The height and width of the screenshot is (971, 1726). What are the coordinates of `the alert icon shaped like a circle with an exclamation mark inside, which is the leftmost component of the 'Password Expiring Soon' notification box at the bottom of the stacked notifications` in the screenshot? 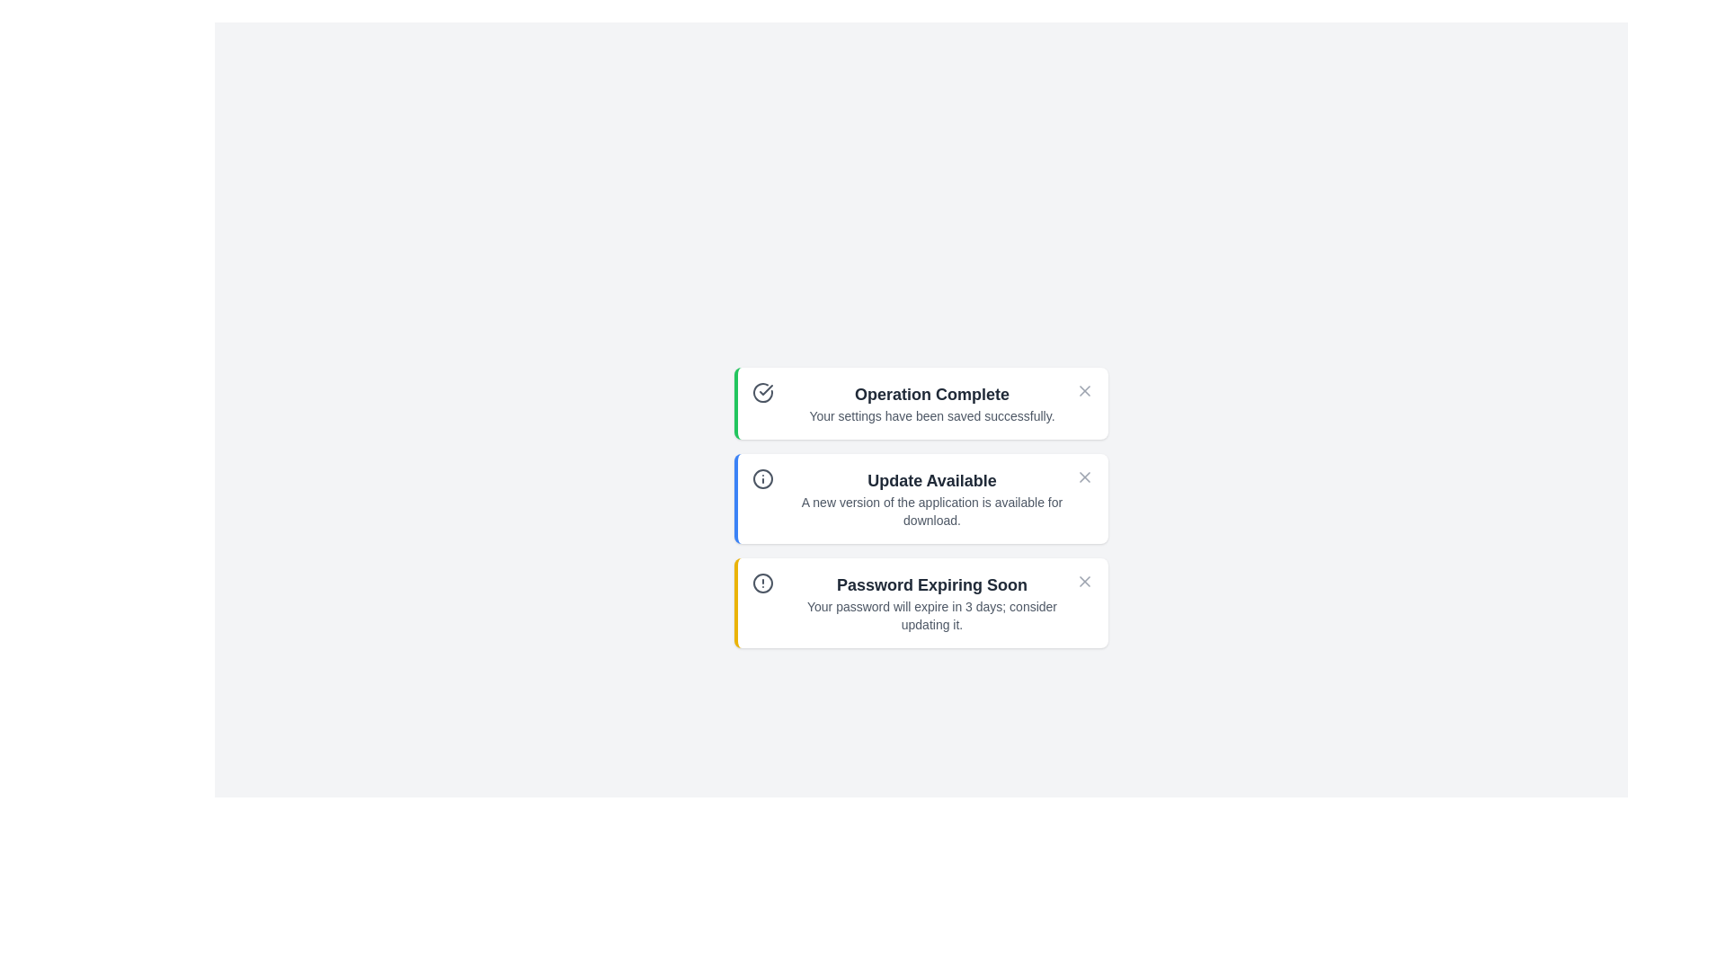 It's located at (763, 583).